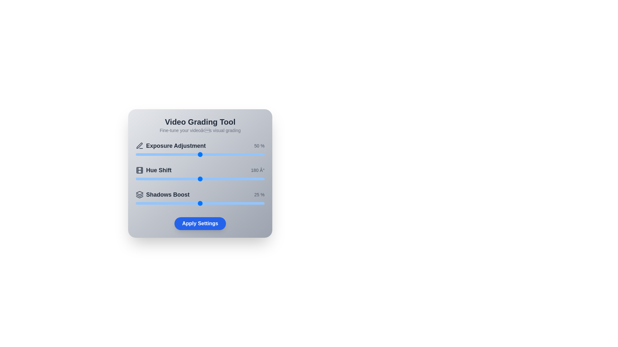  Describe the element at coordinates (232, 179) in the screenshot. I see `the hue shift` at that location.